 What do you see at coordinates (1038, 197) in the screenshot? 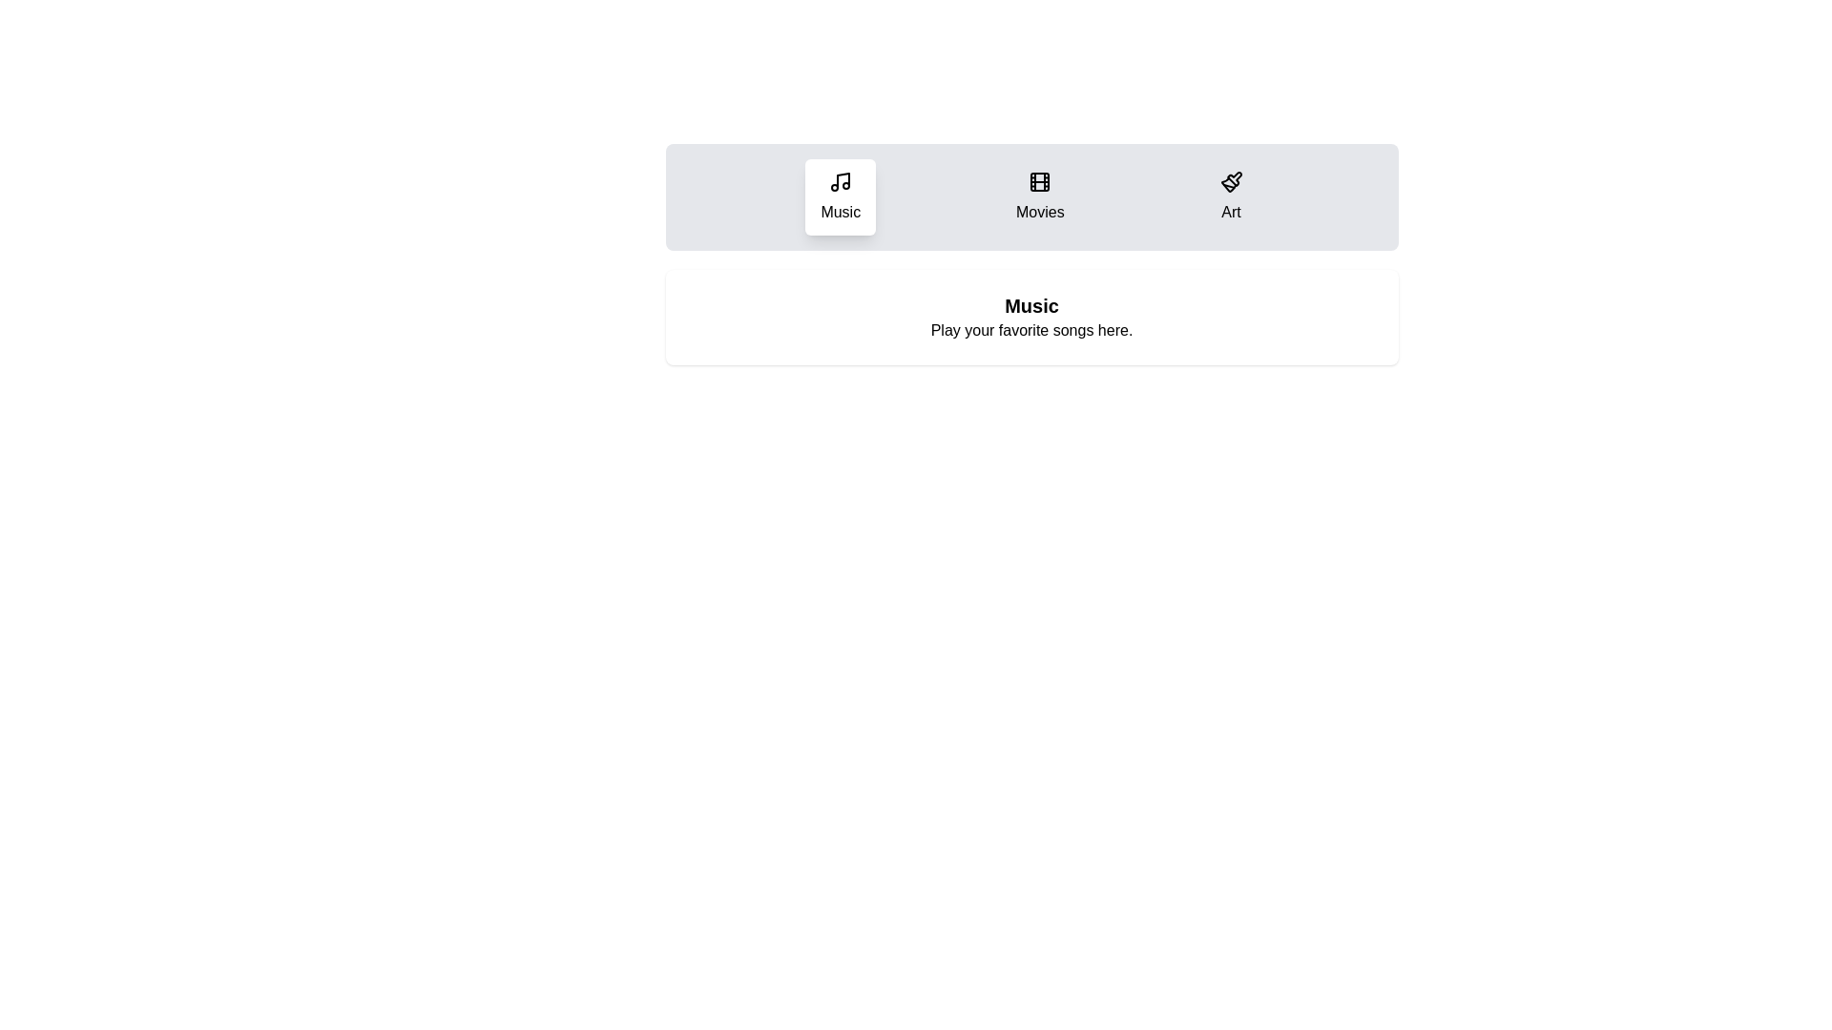
I see `the Movies tab to observe its hover effect` at bounding box center [1038, 197].